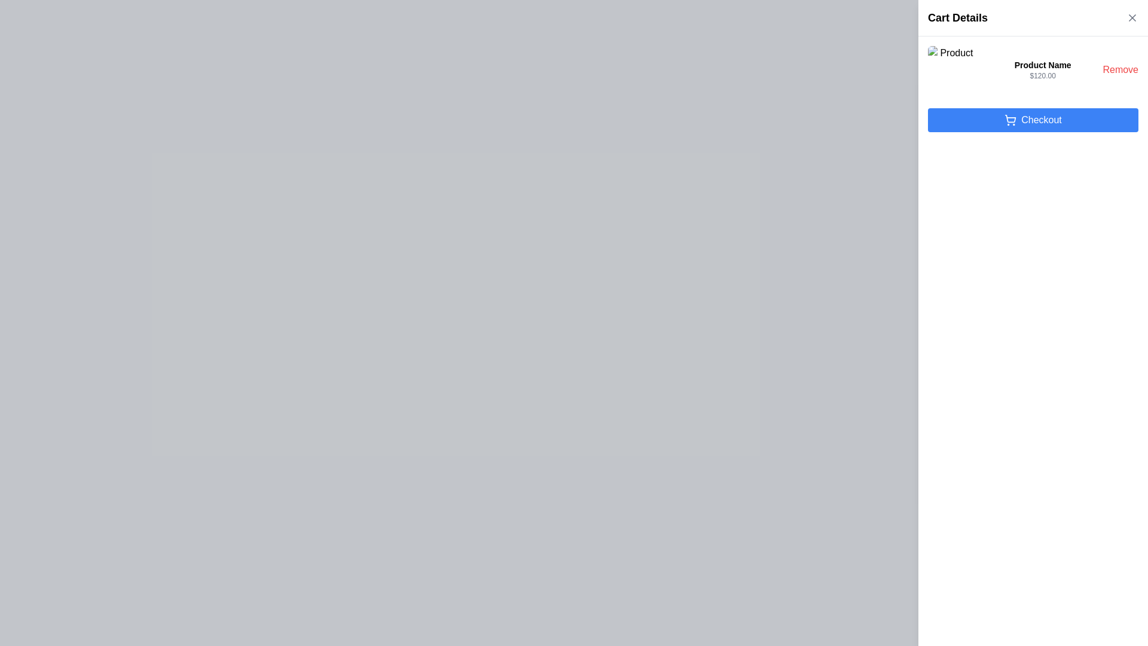 The height and width of the screenshot is (646, 1148). I want to click on the decorative cart icon located to the left of the 'Checkout' button, which visually represents the button's cart functionality, so click(1010, 120).